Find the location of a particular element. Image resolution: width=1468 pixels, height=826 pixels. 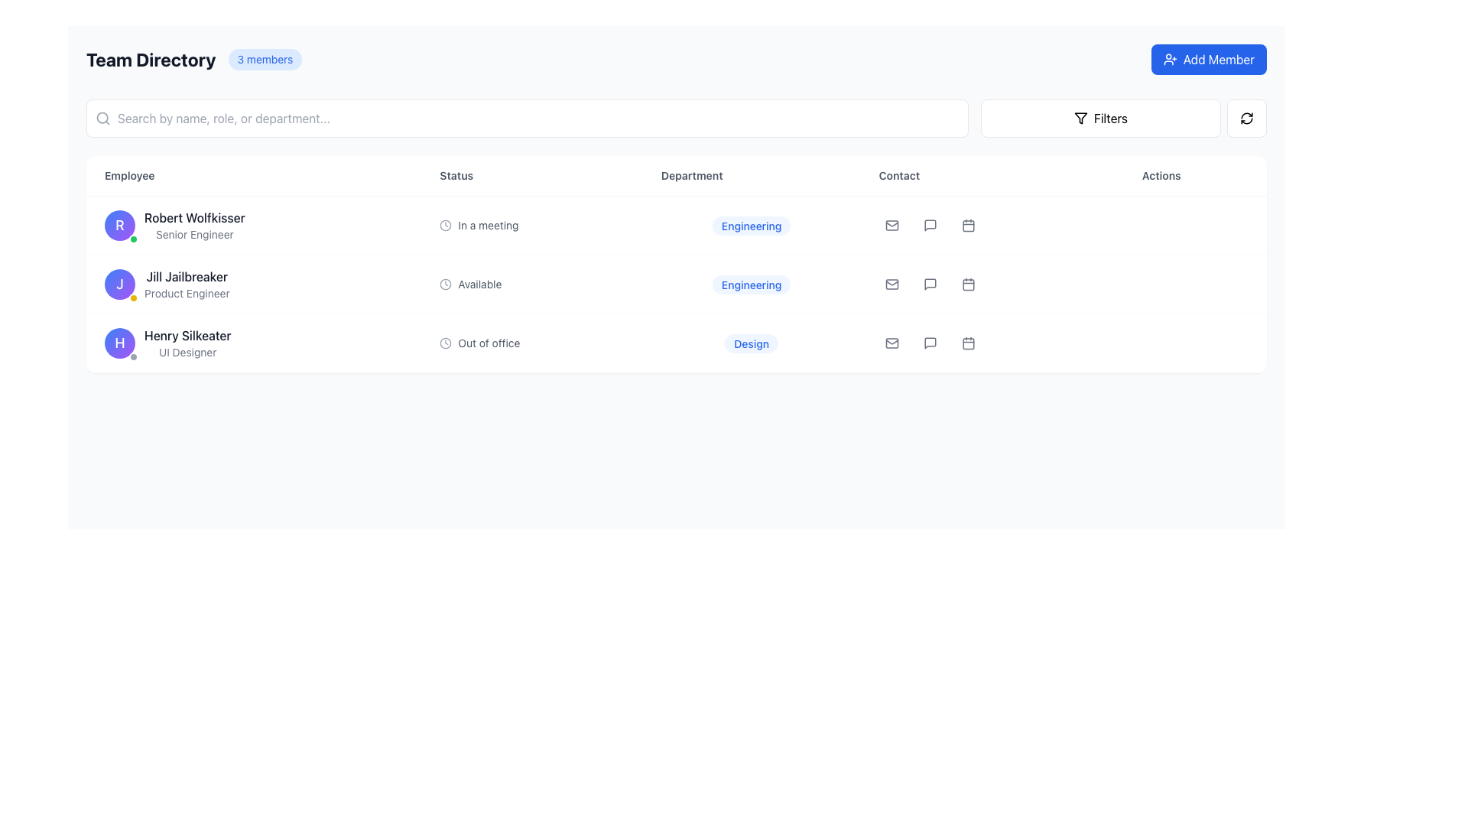

the static text label 'Senior Engineer' that is positioned directly below 'Robert Wolfkisser' in the Team Directory table is located at coordinates (193, 235).